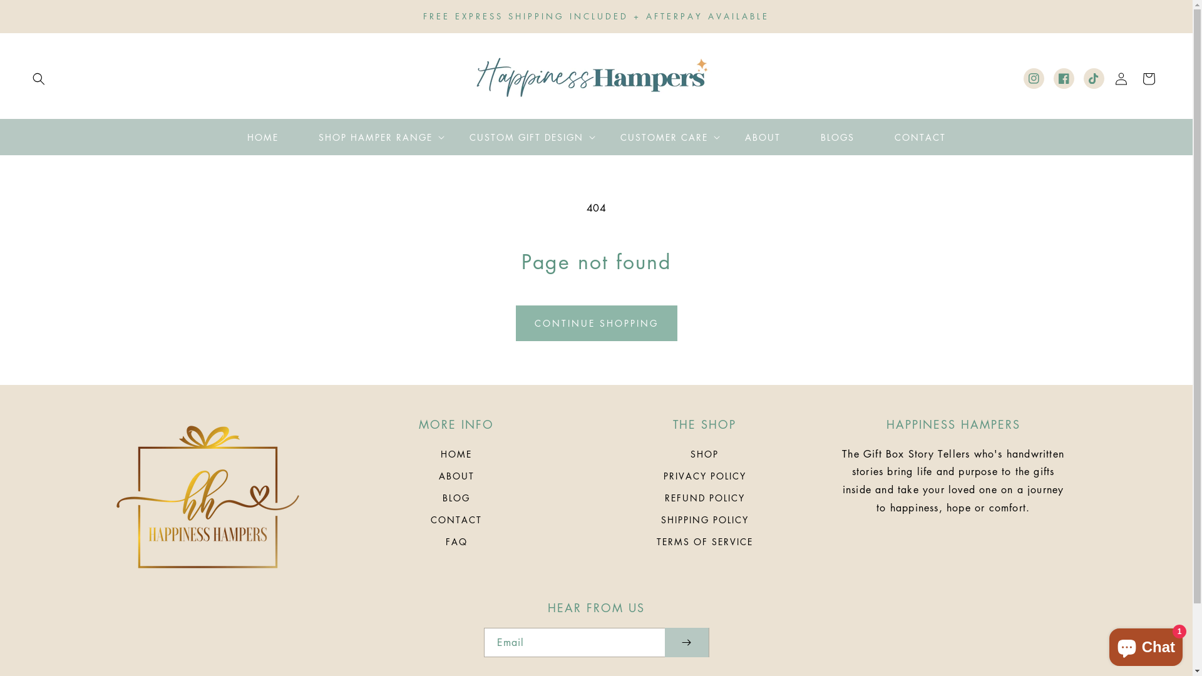 This screenshot has height=676, width=1202. What do you see at coordinates (705, 541) in the screenshot?
I see `'TERMS OF SERVICE'` at bounding box center [705, 541].